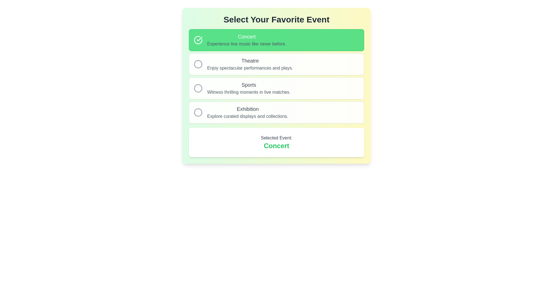  What do you see at coordinates (198, 64) in the screenshot?
I see `the circular radio button` at bounding box center [198, 64].